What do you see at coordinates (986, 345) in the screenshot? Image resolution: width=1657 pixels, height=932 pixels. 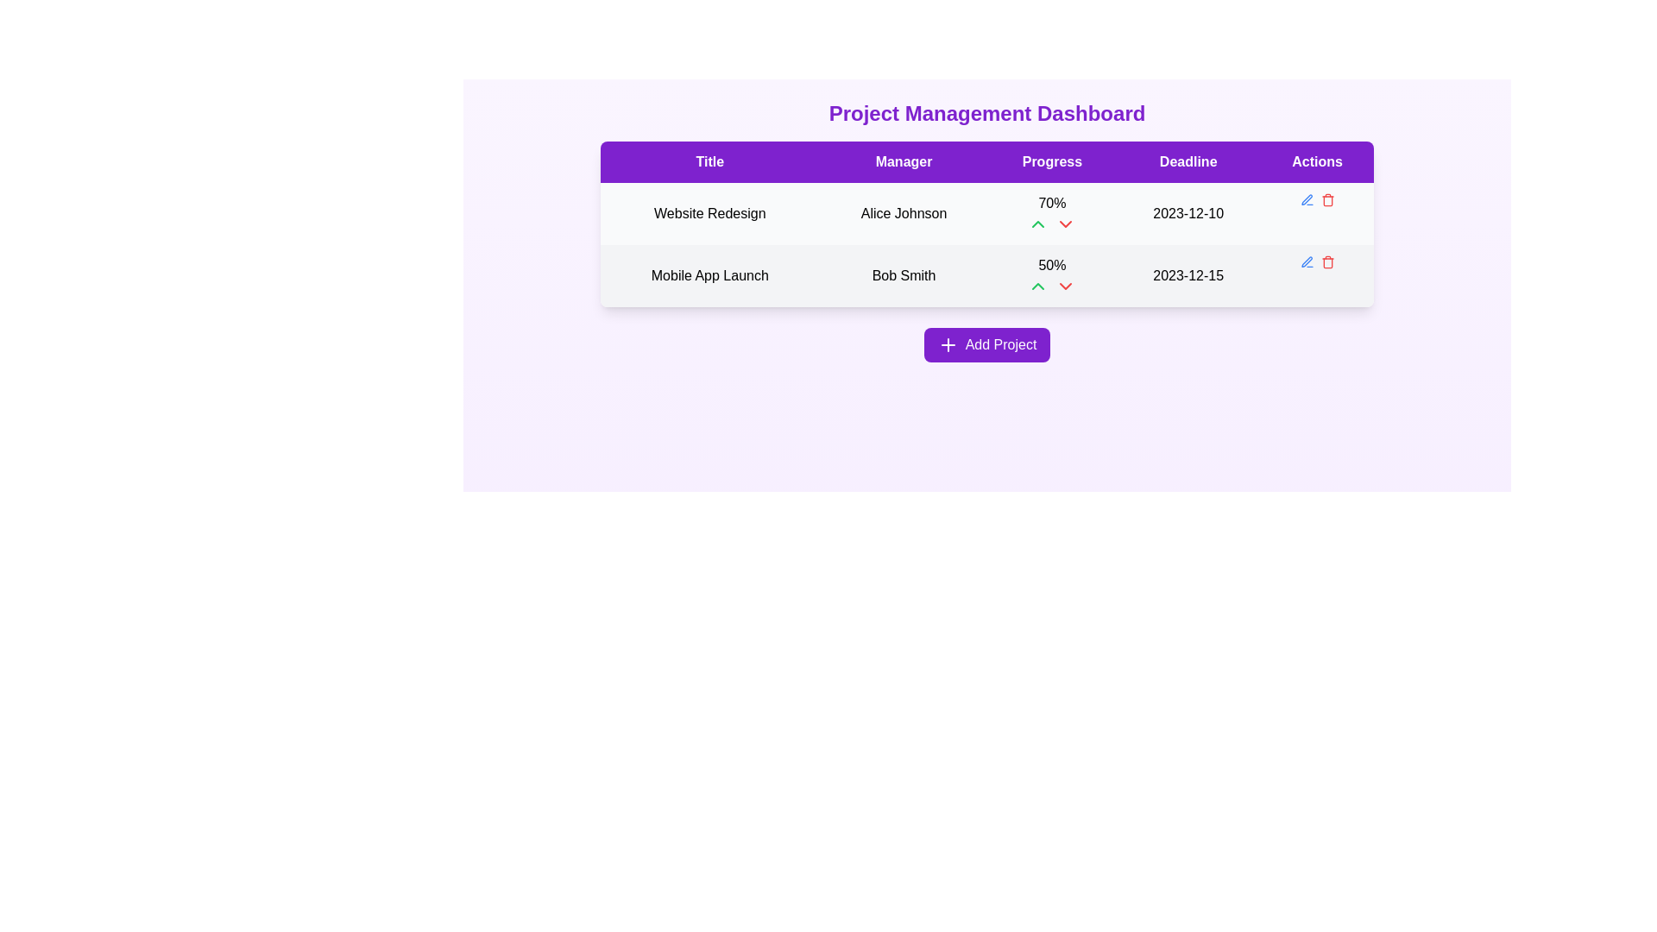 I see `the 'Add Project' button located below the project table in the dashboard to initiate adding a project` at bounding box center [986, 345].